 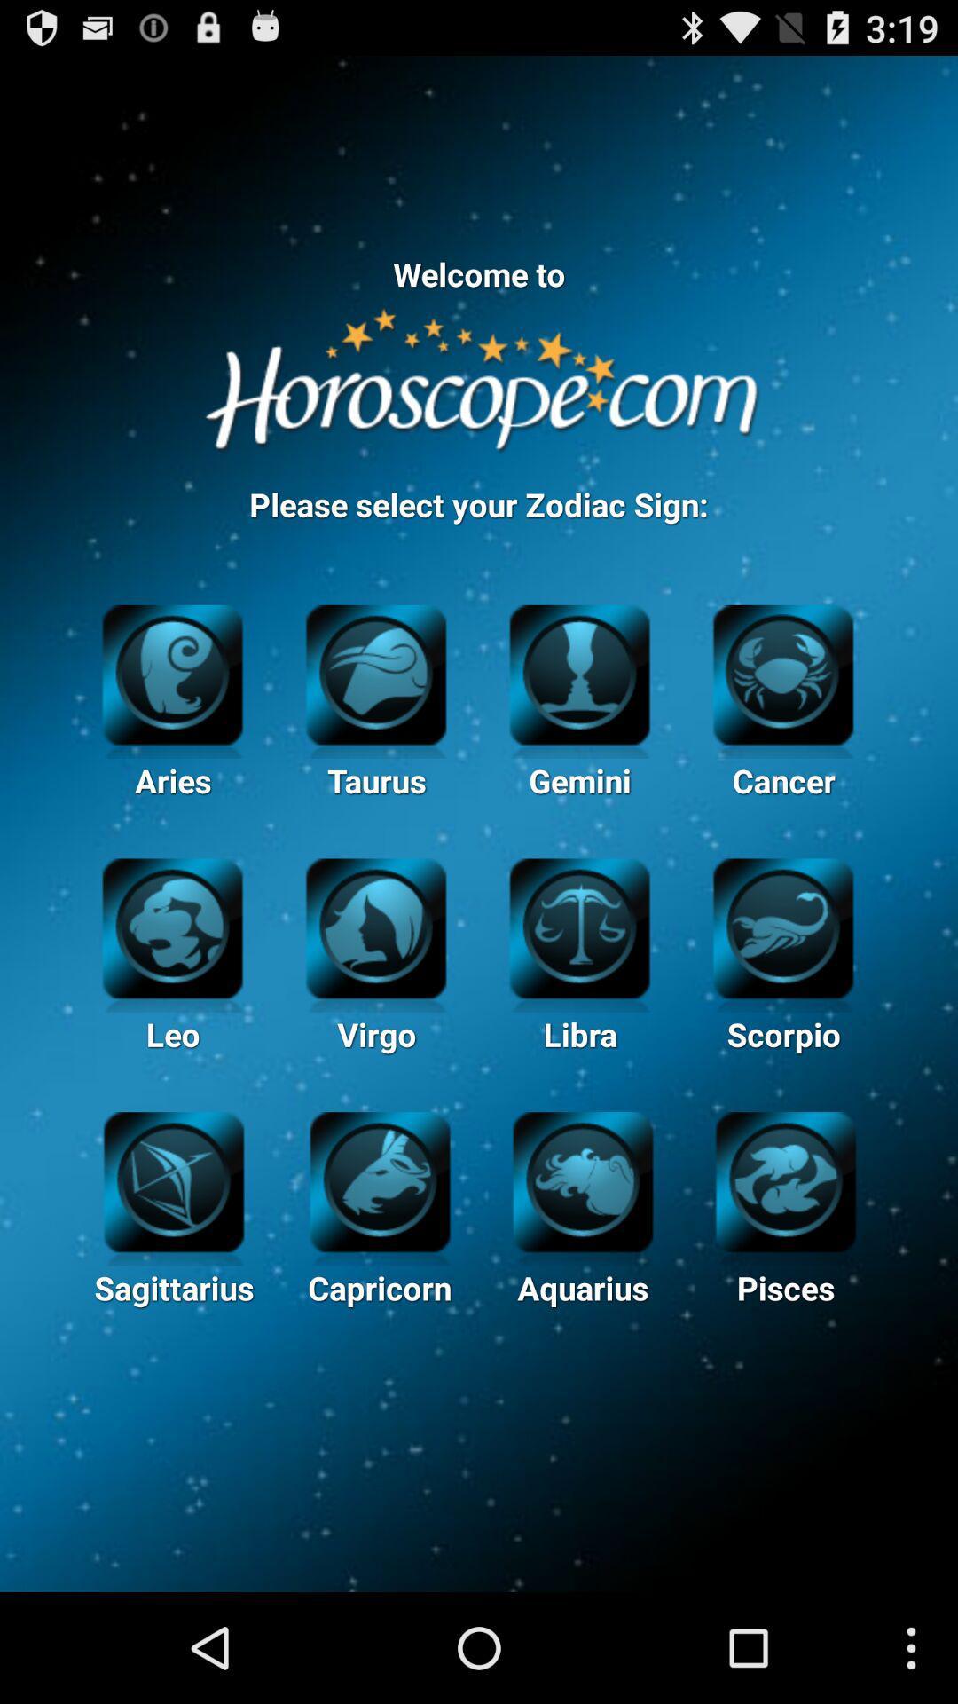 I want to click on select, so click(x=174, y=1179).